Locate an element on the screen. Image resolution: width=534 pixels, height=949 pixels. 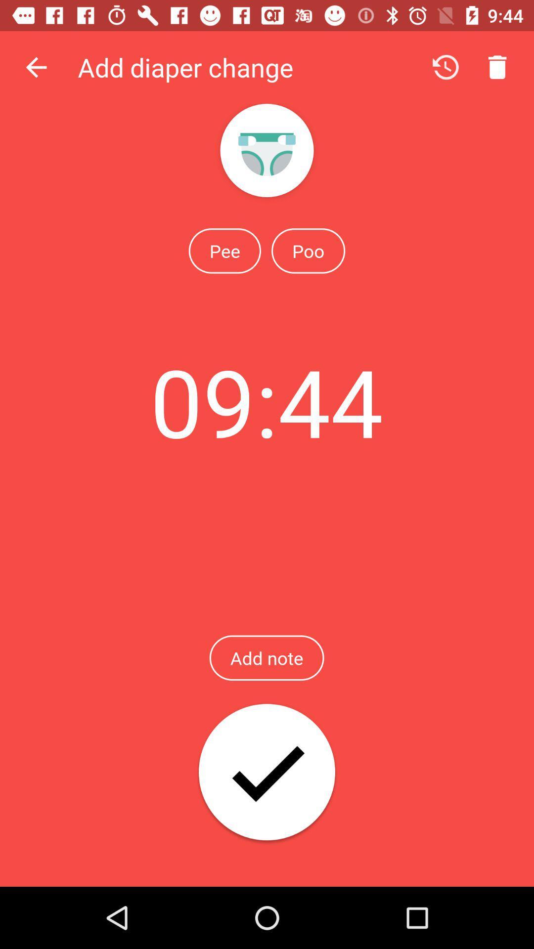
check to complete is located at coordinates (267, 773).